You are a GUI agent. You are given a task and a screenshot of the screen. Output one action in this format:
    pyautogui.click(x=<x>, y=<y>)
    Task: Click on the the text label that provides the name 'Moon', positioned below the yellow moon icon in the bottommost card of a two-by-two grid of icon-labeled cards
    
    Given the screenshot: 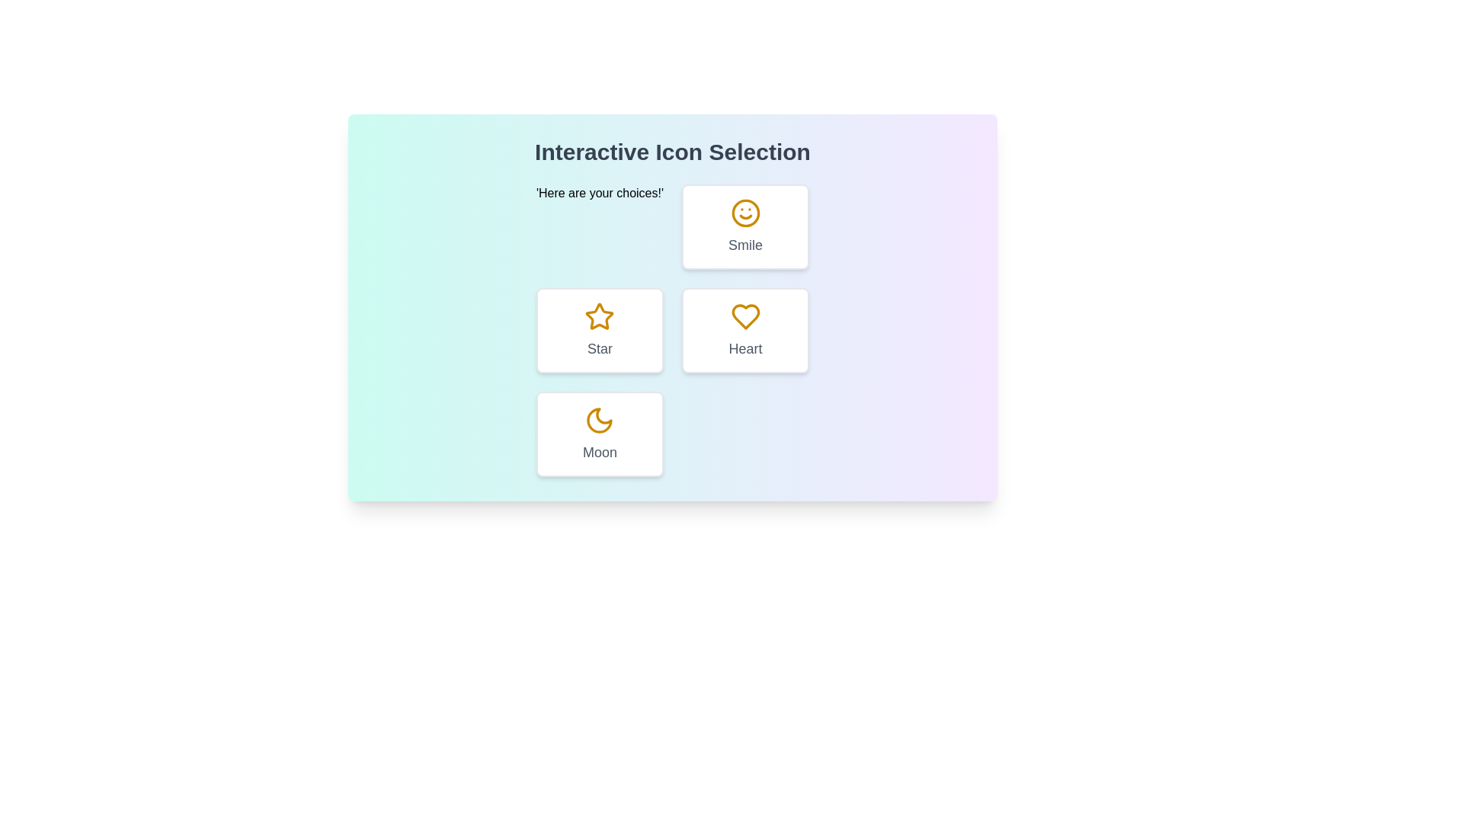 What is the action you would take?
    pyautogui.click(x=599, y=452)
    